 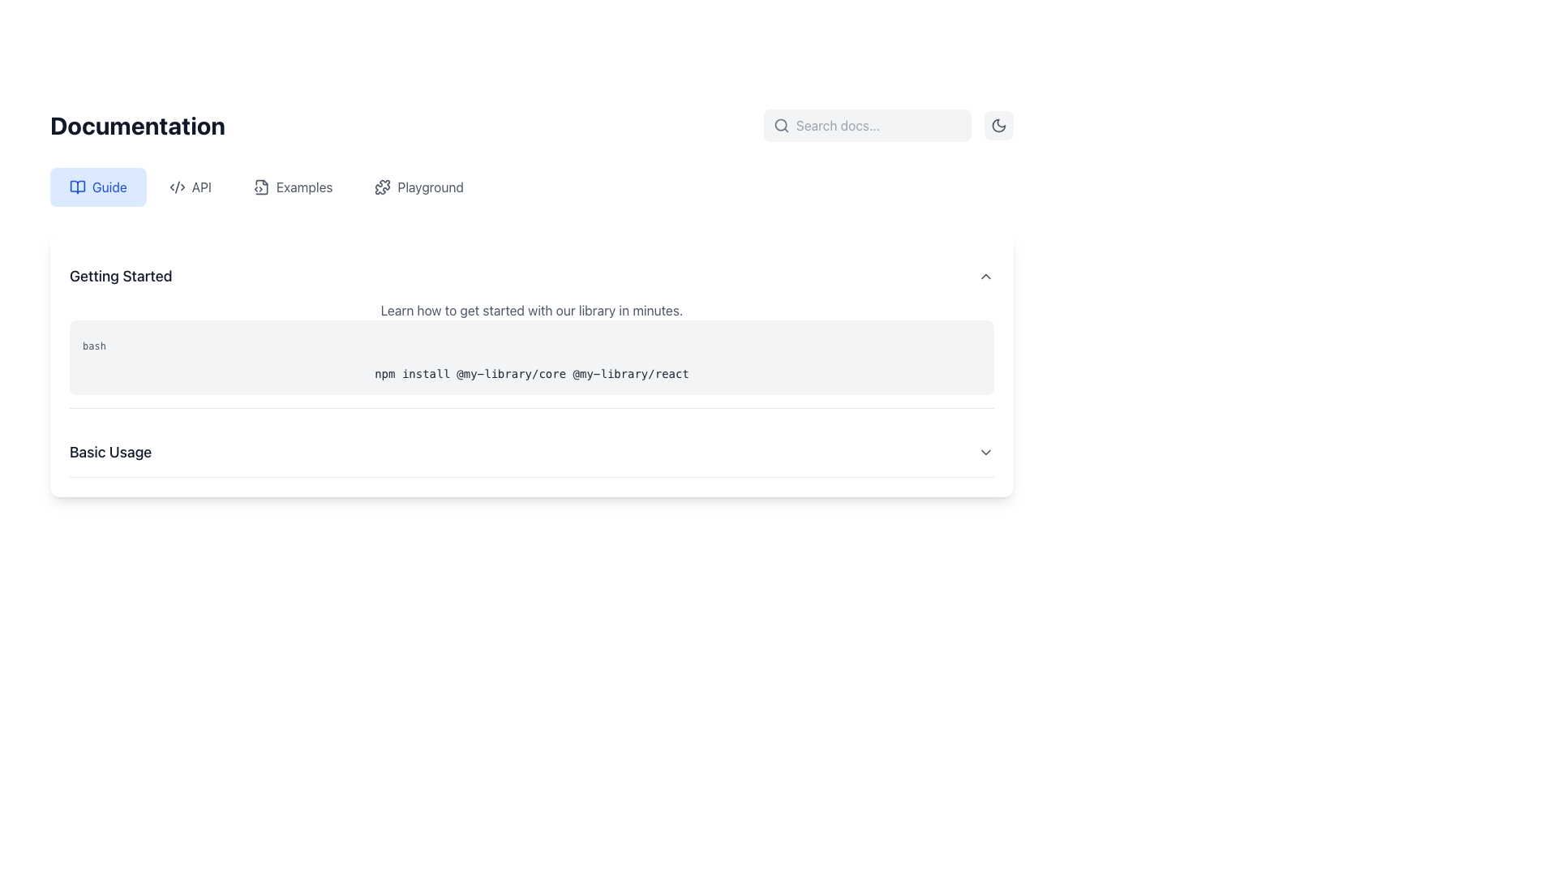 I want to click on the link in the navigation bar located beneath the main title 'Documentation', so click(x=532, y=187).